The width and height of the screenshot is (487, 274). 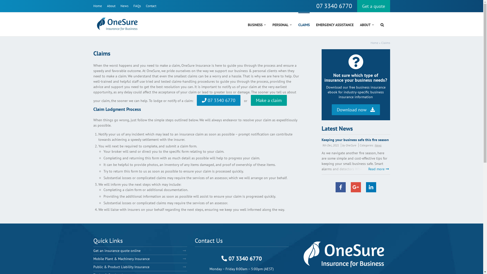 I want to click on 'Get an insurance quote online', so click(x=140, y=250).